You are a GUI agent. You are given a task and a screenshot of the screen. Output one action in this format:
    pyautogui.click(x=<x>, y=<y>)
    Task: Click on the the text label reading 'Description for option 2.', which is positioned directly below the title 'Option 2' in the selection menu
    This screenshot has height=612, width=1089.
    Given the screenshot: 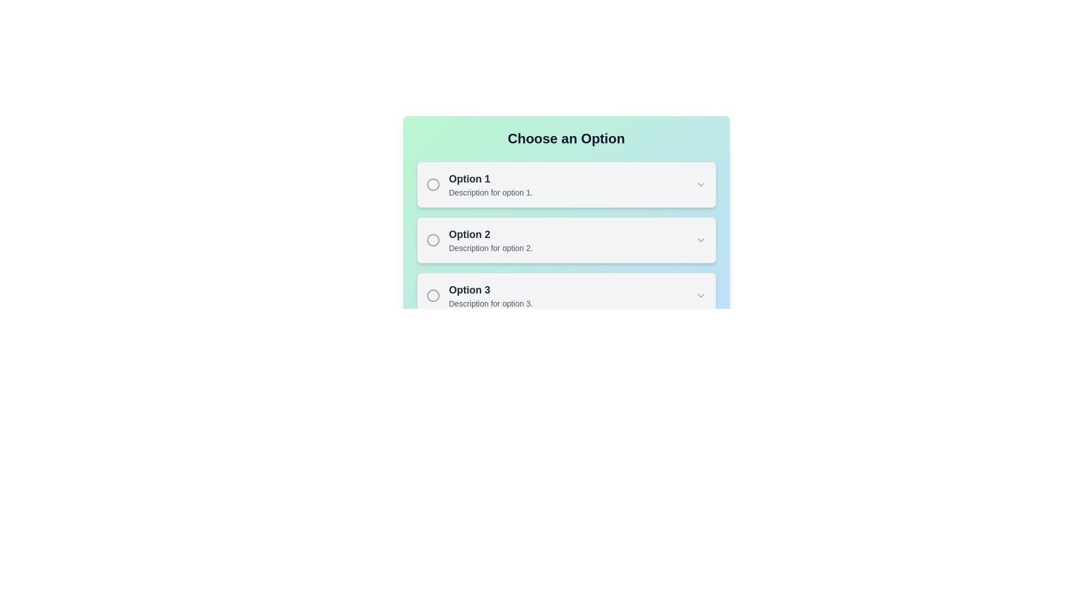 What is the action you would take?
    pyautogui.click(x=491, y=248)
    